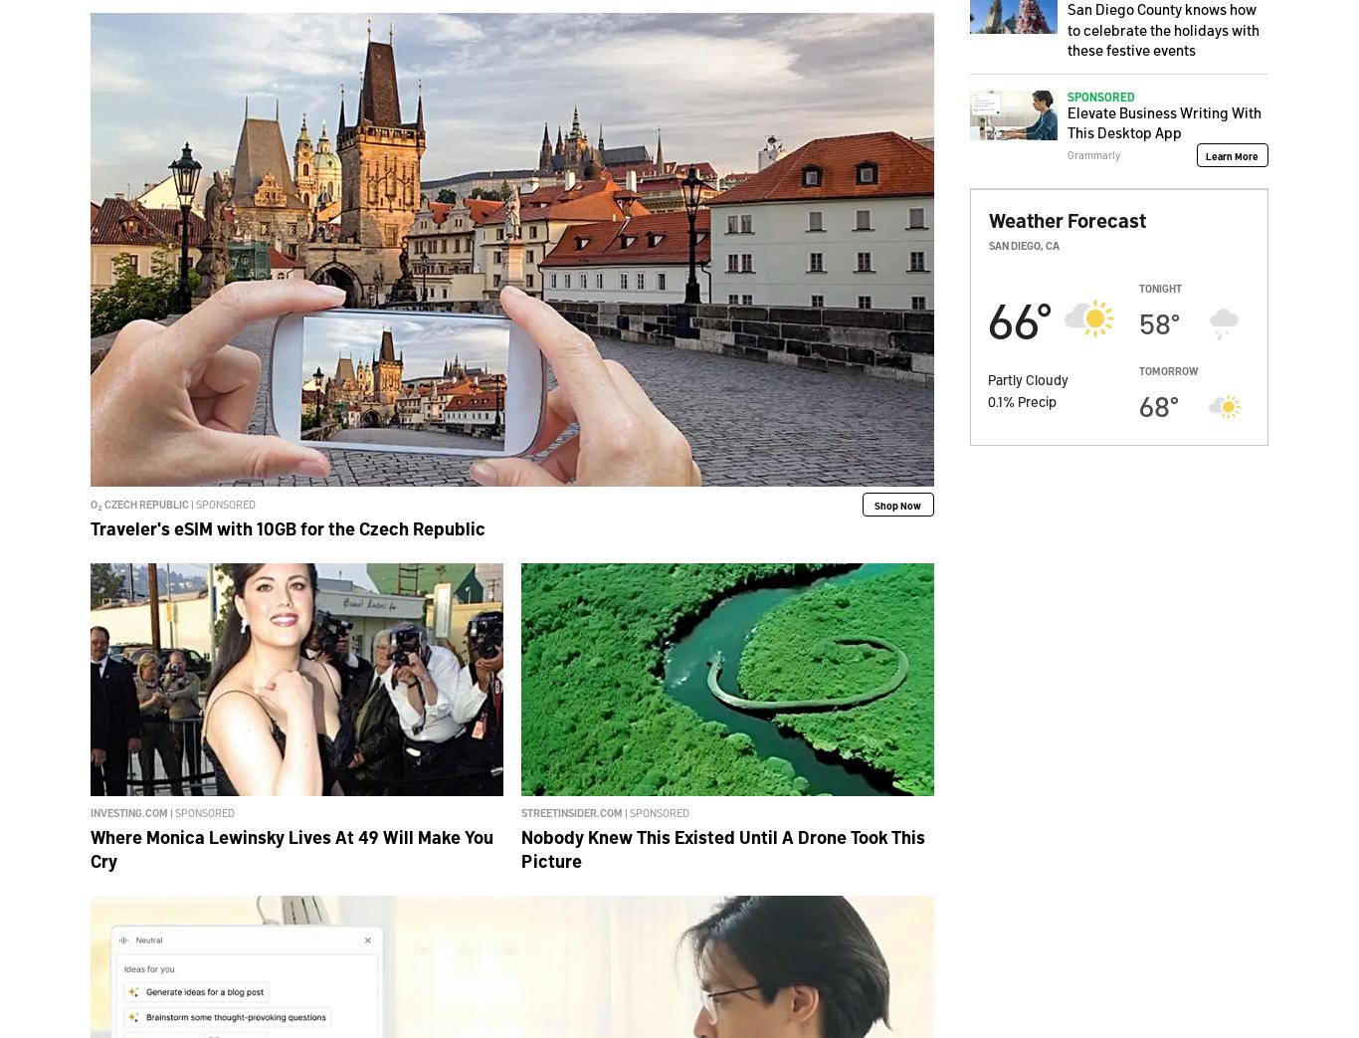  What do you see at coordinates (995, 401) in the screenshot?
I see `'0.1'` at bounding box center [995, 401].